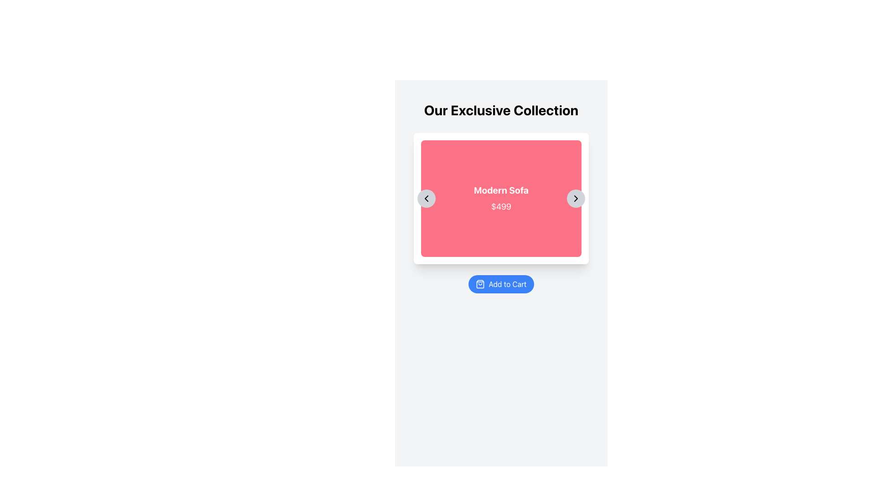 This screenshot has height=492, width=875. What do you see at coordinates (575, 198) in the screenshot?
I see `the right navigational icon on the pink card labeled 'Modern Sofa'` at bounding box center [575, 198].